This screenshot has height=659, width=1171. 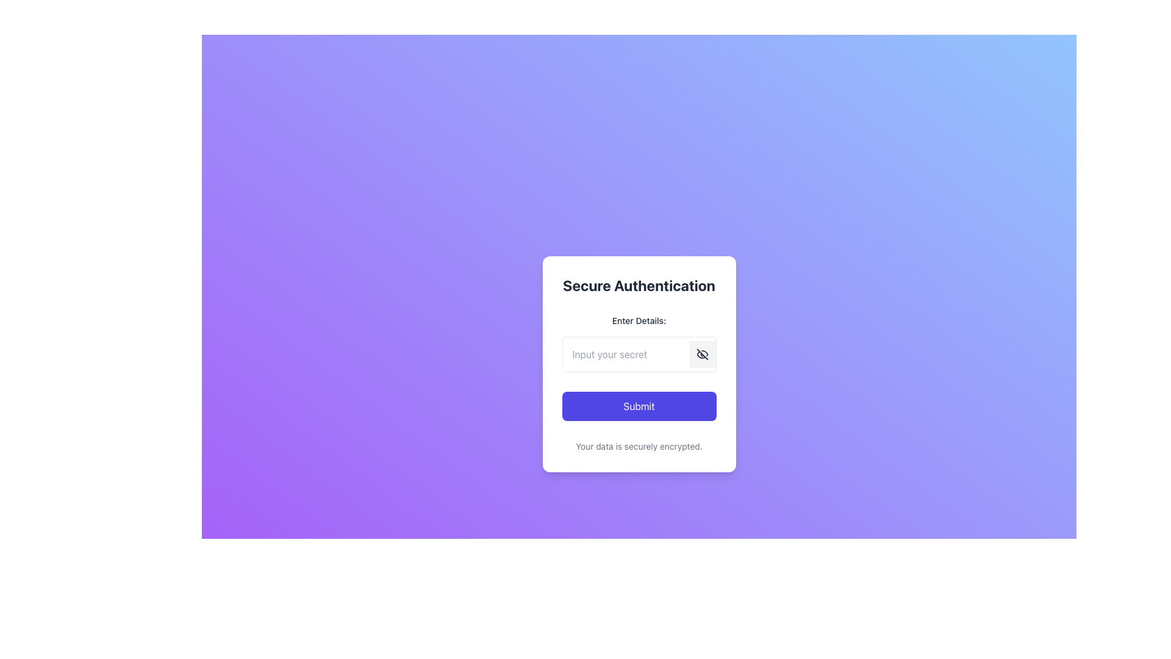 What do you see at coordinates (638, 320) in the screenshot?
I see `label that serves as a prompt for the adjacent input field, centrally aligned at the top of the card layout` at bounding box center [638, 320].